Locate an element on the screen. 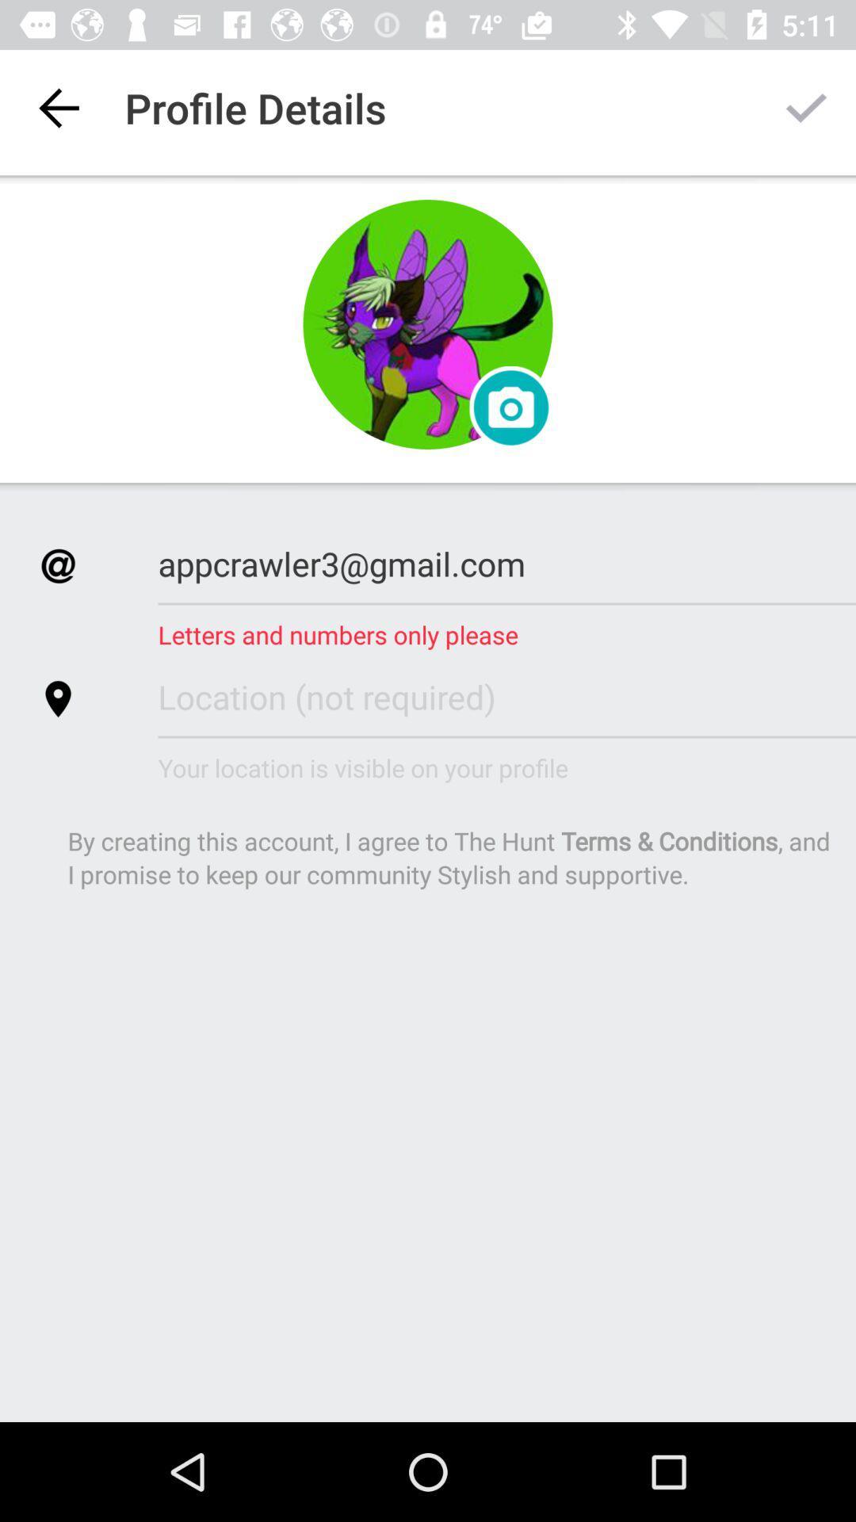 The height and width of the screenshot is (1522, 856). change profile picture is located at coordinates (510, 407).